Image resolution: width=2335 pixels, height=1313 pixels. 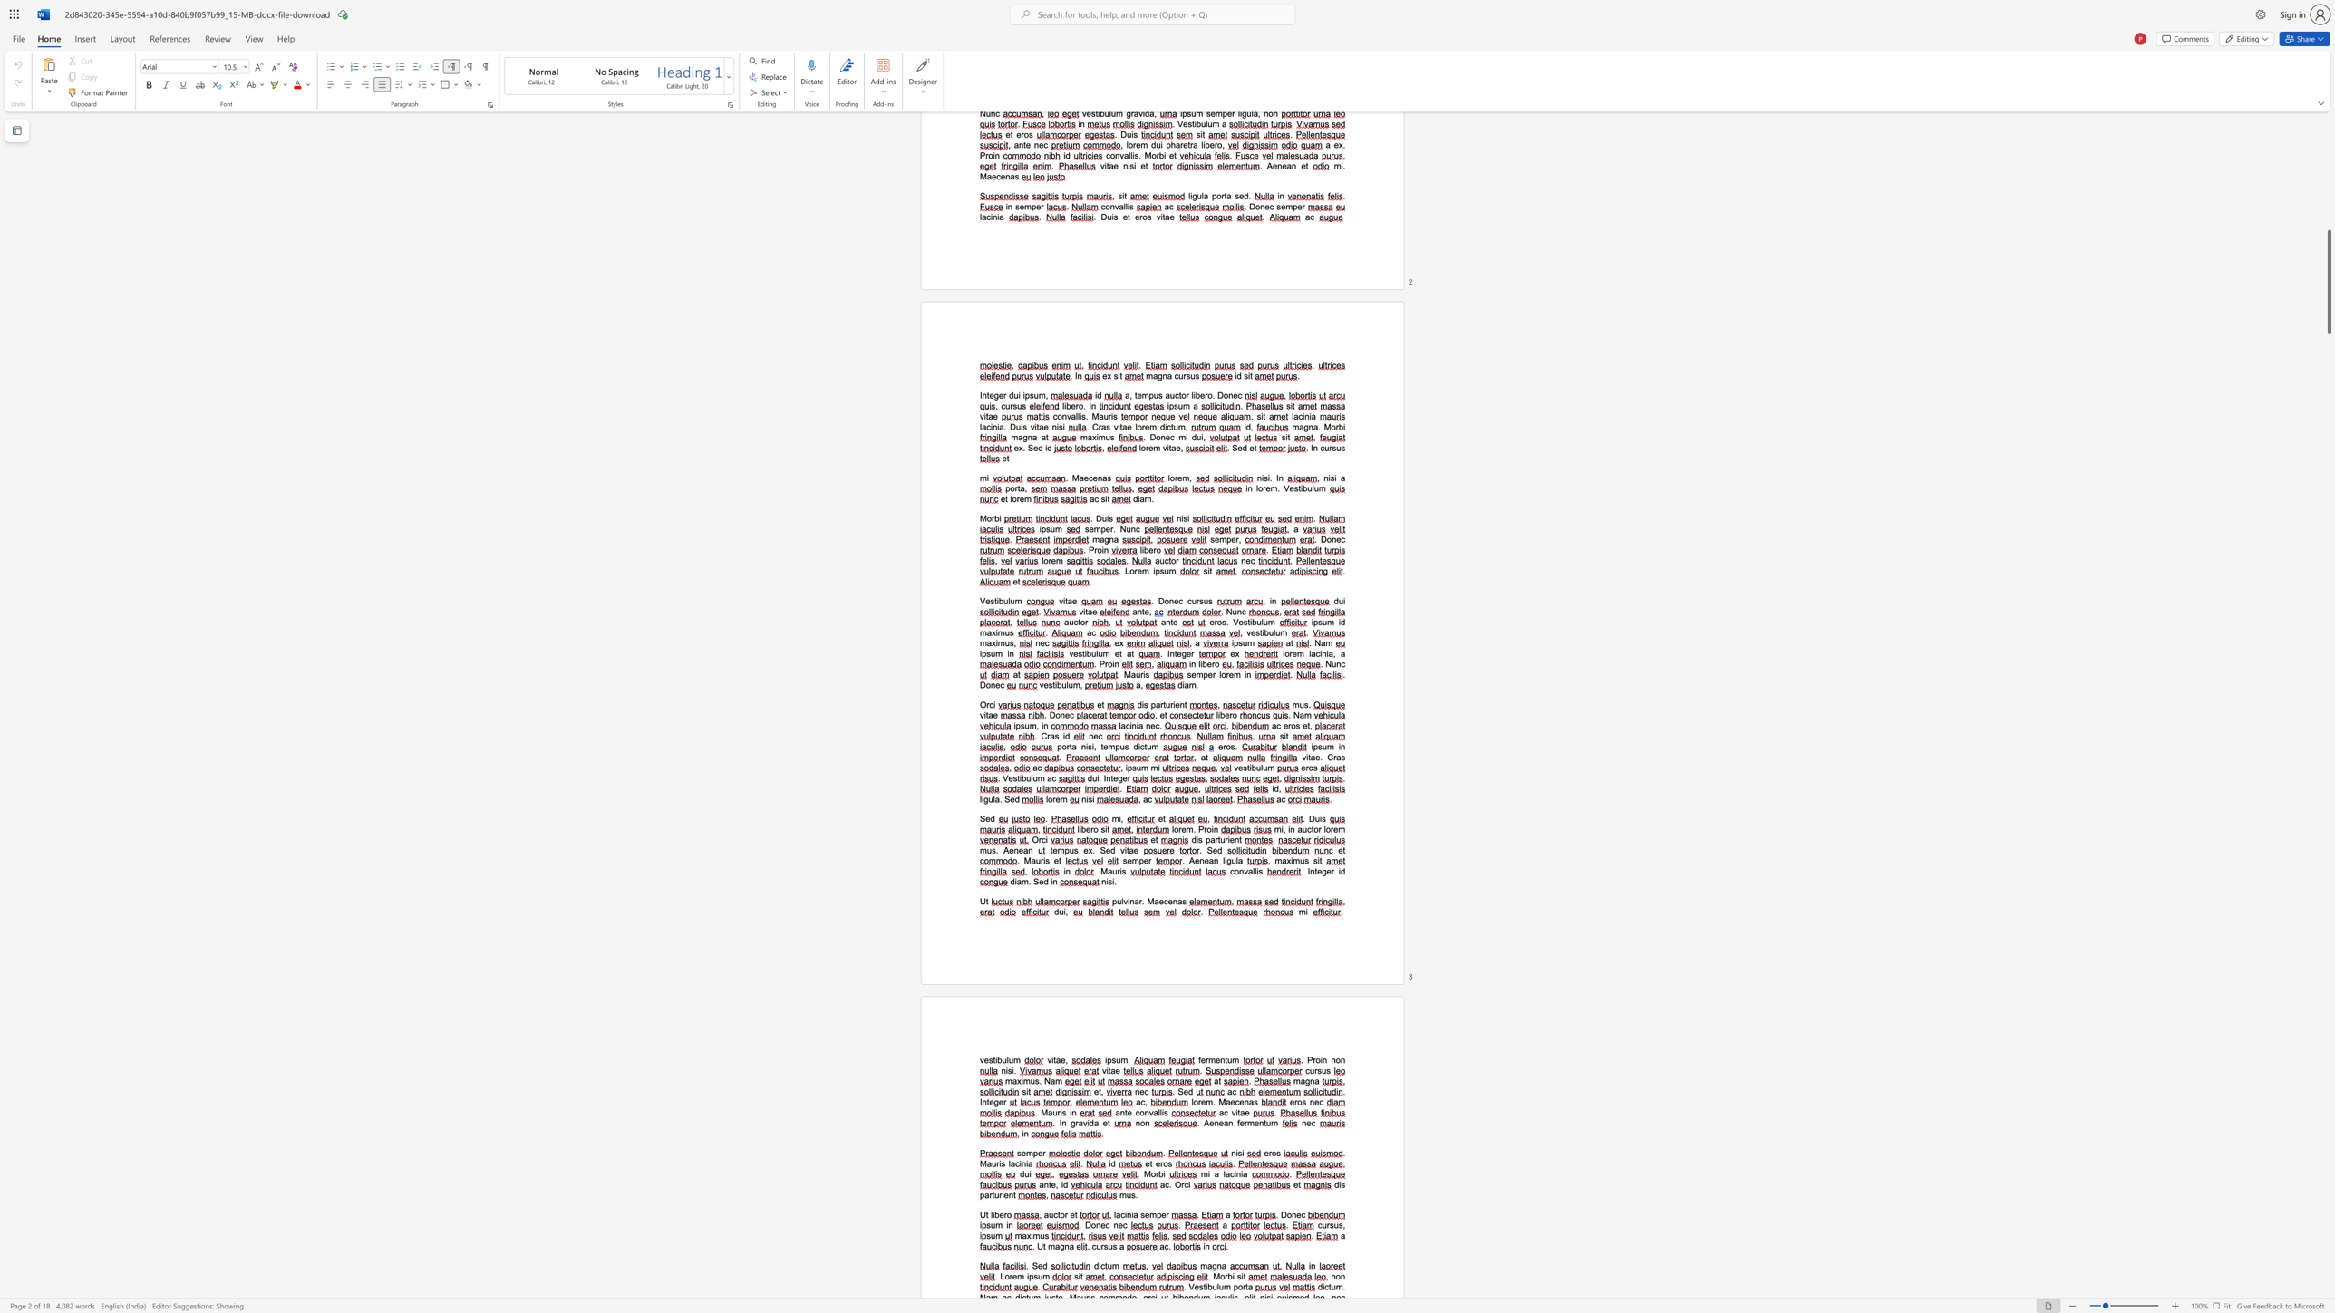 What do you see at coordinates (1142, 1214) in the screenshot?
I see `the 1th character "s" in the text` at bounding box center [1142, 1214].